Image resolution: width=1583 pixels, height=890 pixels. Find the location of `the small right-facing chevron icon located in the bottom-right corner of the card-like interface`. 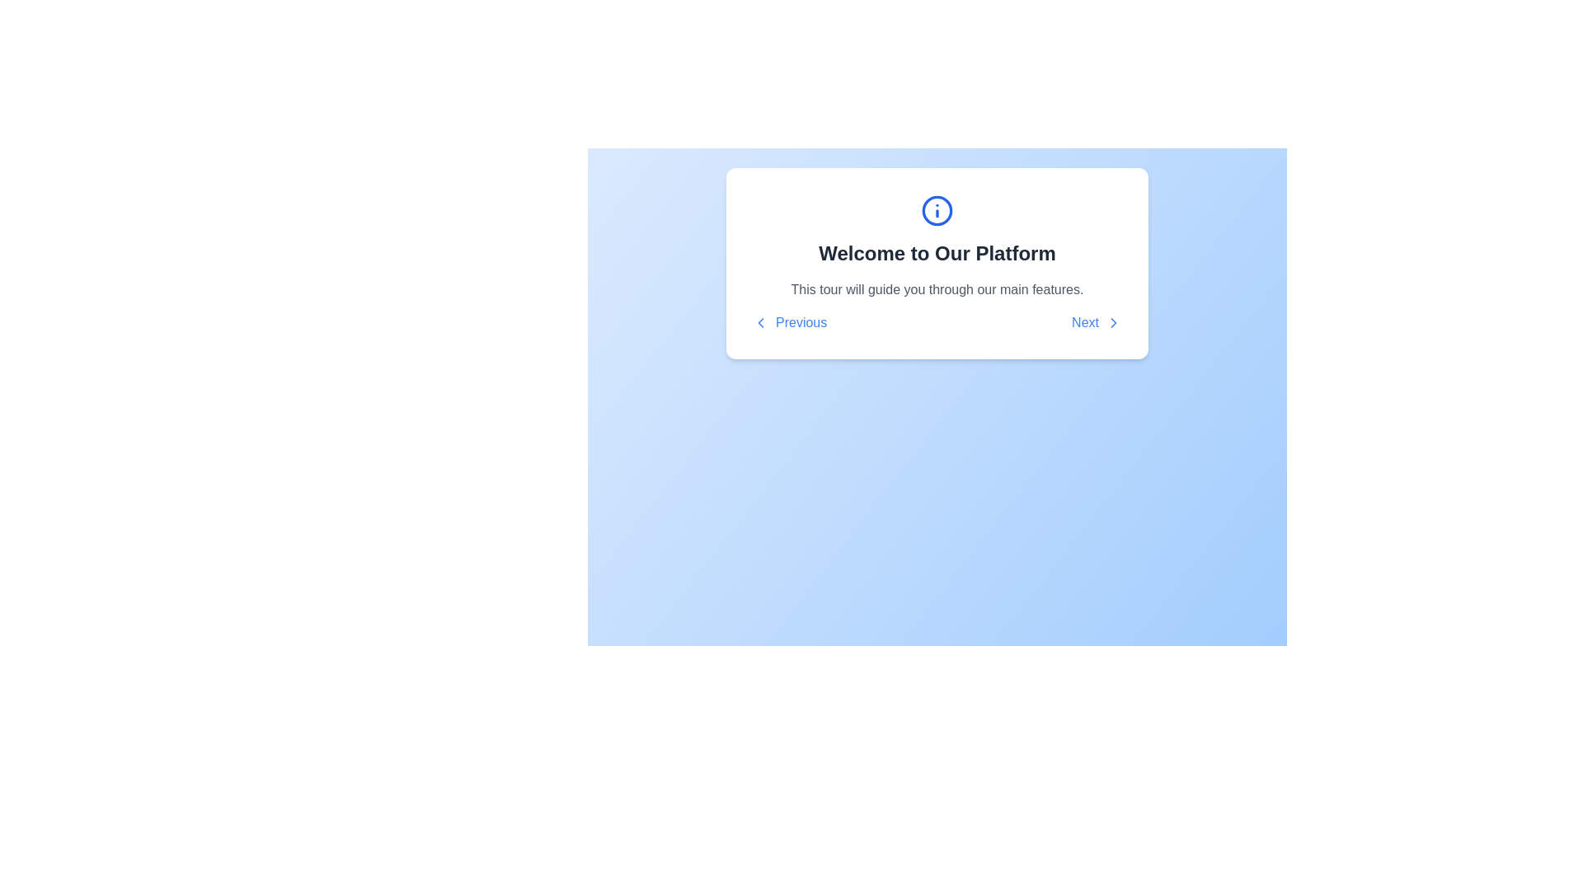

the small right-facing chevron icon located in the bottom-right corner of the card-like interface is located at coordinates (1113, 323).